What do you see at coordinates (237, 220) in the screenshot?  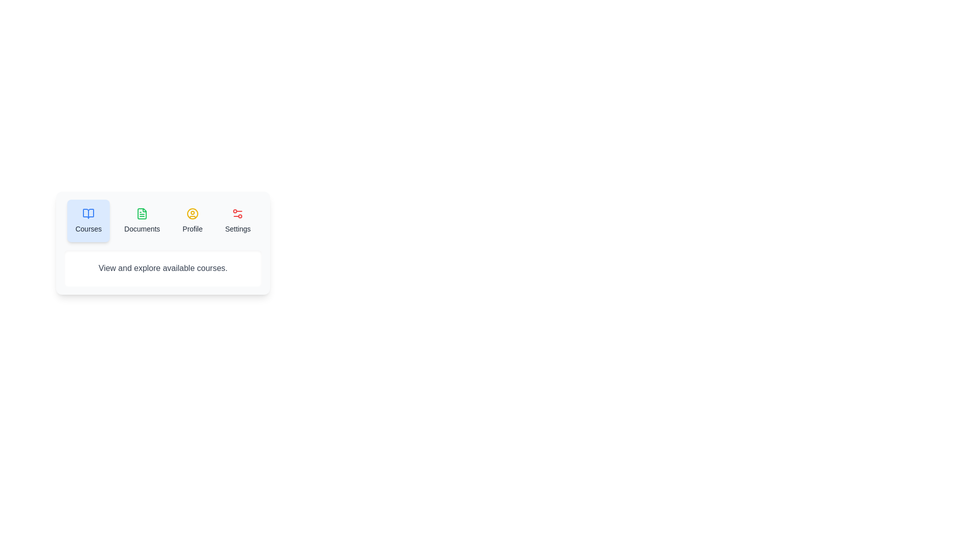 I see `the tab labeled Settings to observe its hover effect` at bounding box center [237, 220].